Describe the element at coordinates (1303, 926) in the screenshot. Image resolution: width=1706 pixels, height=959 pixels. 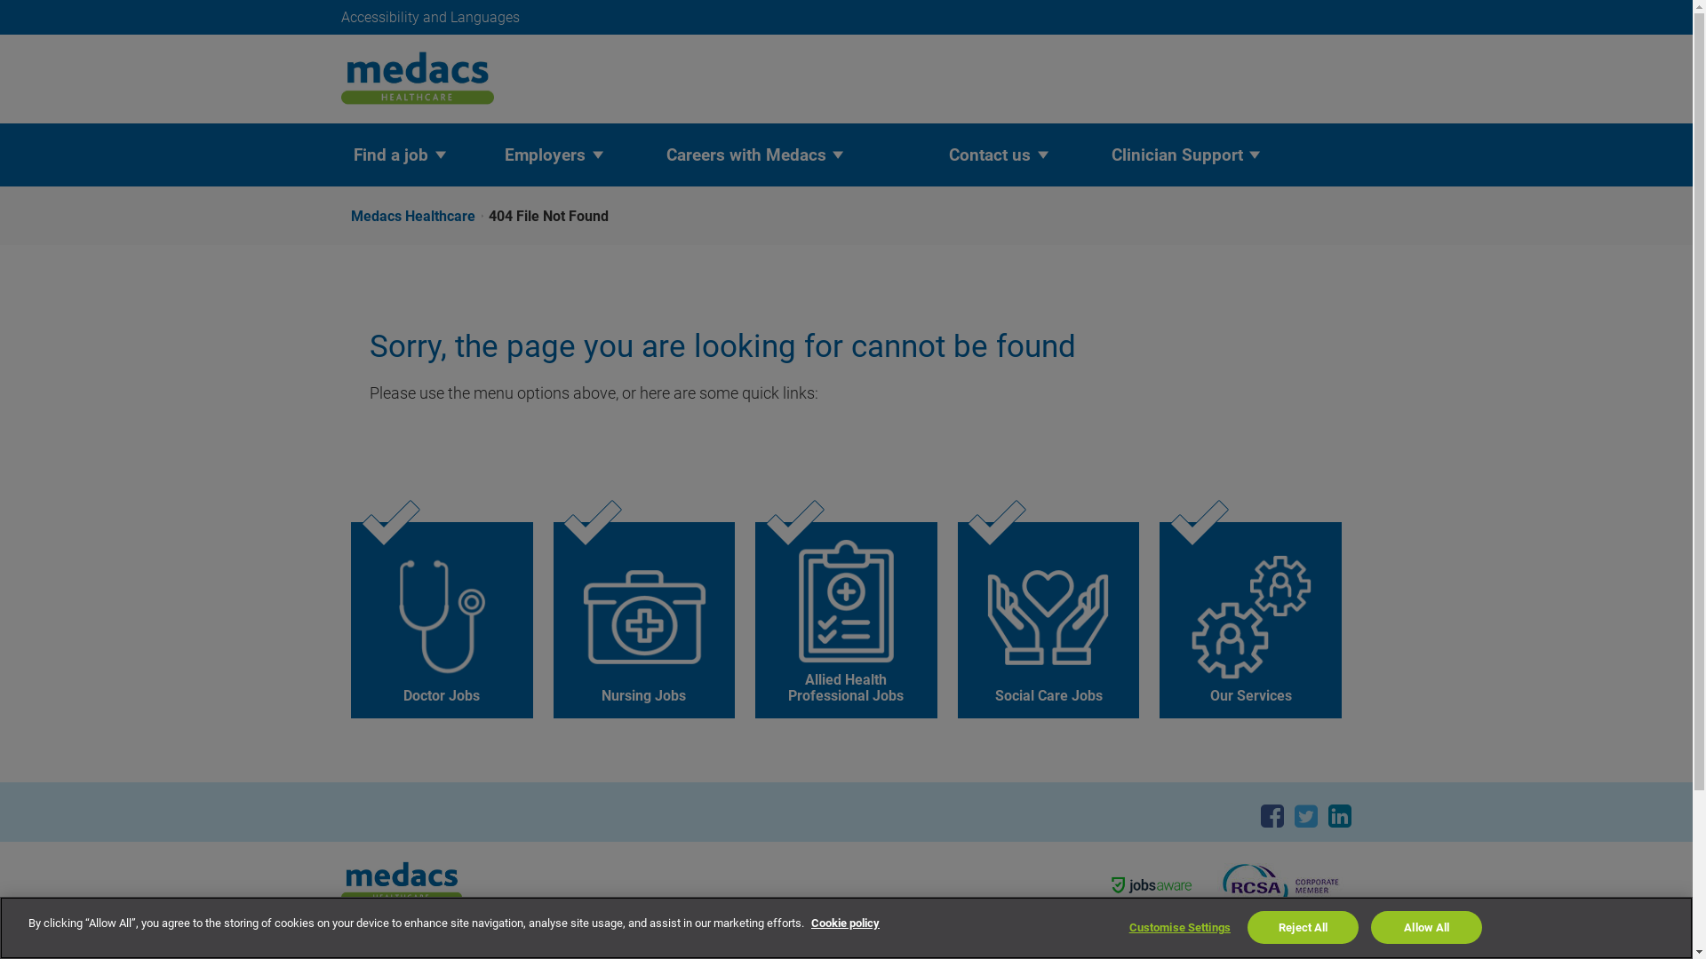
I see `'Reject All'` at that location.